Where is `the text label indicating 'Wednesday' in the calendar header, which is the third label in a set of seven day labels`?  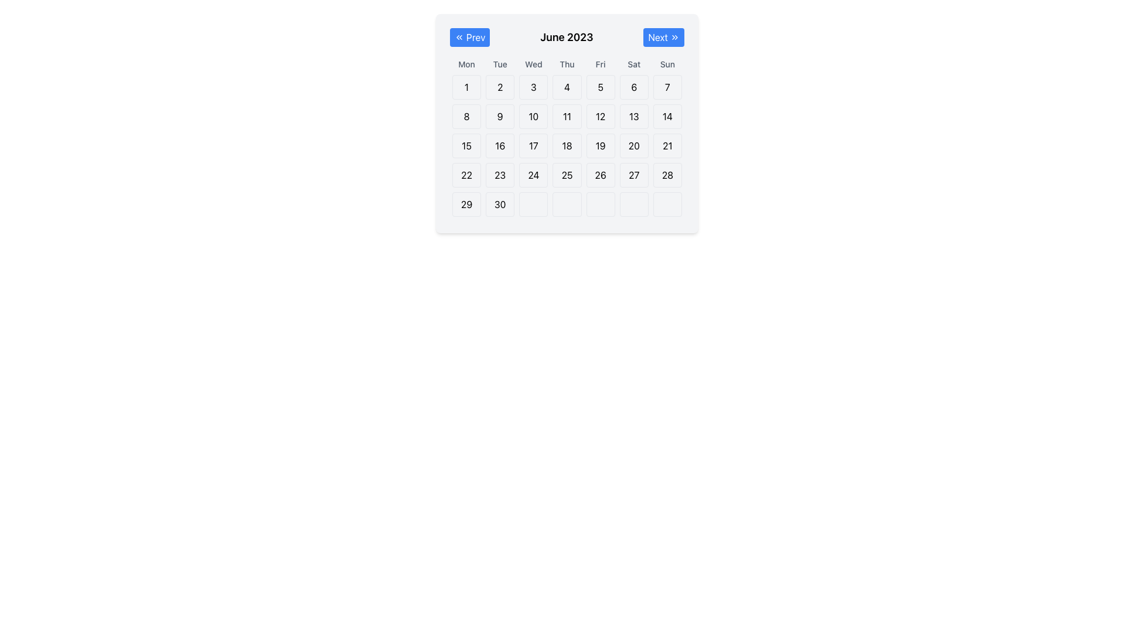 the text label indicating 'Wednesday' in the calendar header, which is the third label in a set of seven day labels is located at coordinates (533, 64).